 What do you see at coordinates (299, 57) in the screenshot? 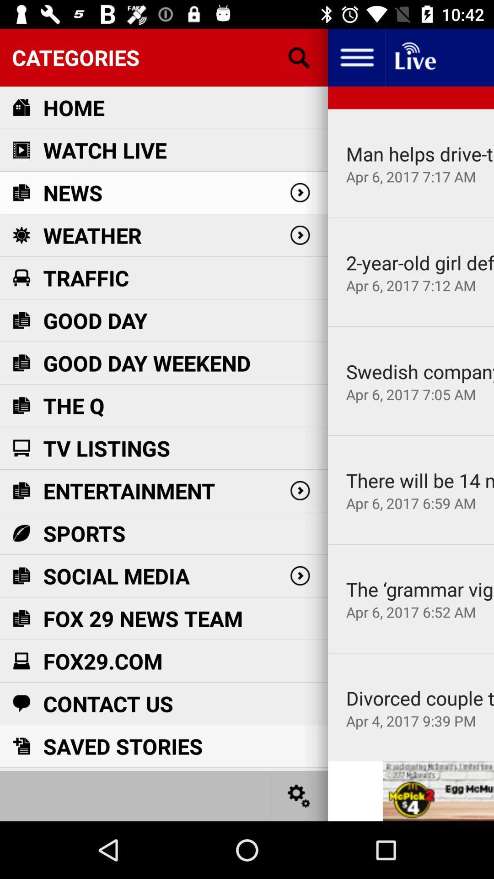
I see `search categories` at bounding box center [299, 57].